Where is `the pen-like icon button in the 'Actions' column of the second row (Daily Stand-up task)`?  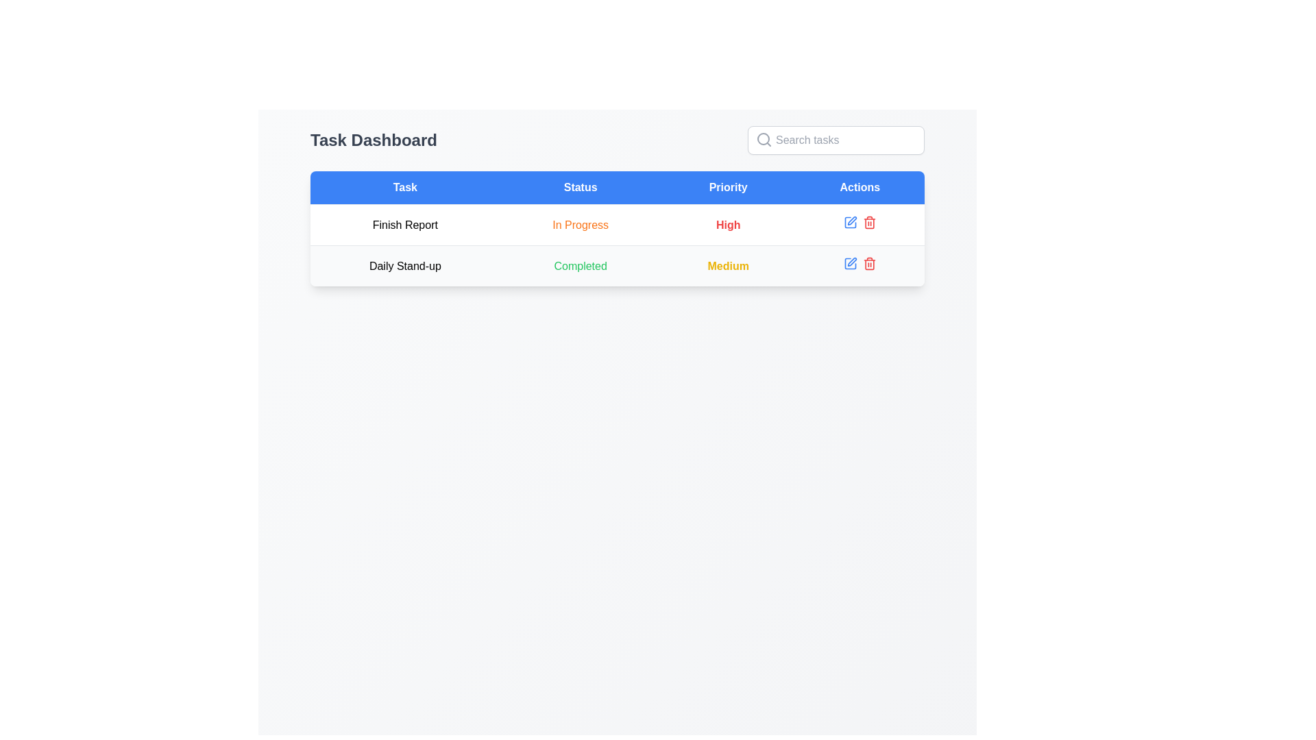 the pen-like icon button in the 'Actions' column of the second row (Daily Stand-up task) is located at coordinates (851, 262).